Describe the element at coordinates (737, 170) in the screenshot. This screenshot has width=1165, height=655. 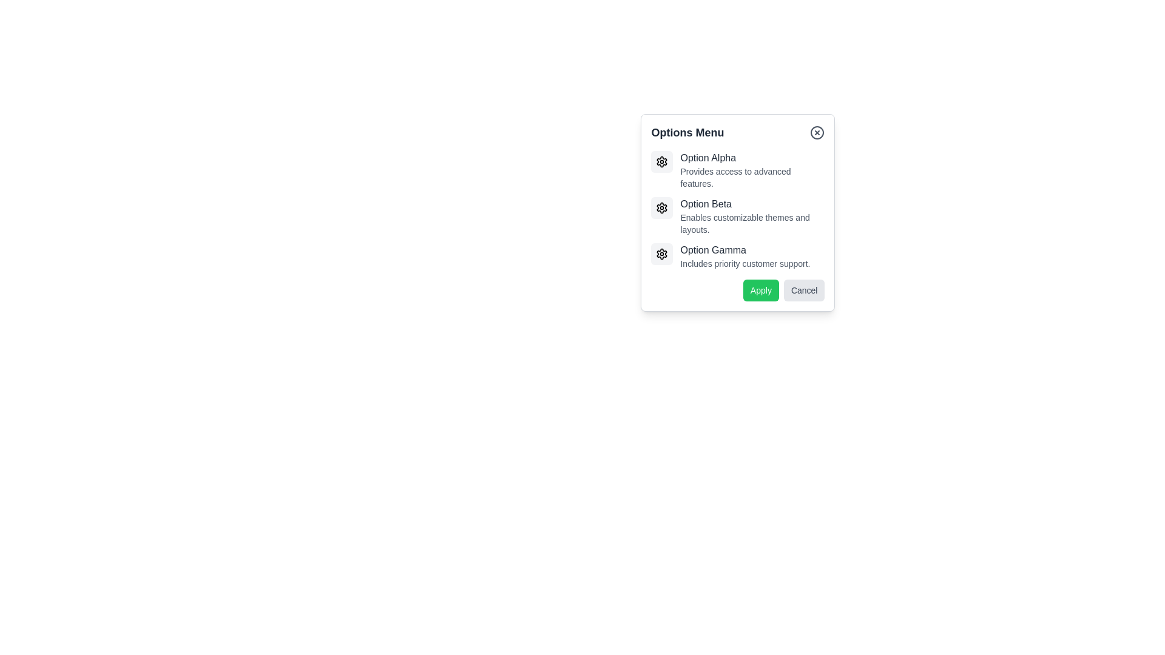
I see `the informational list item titled 'Option Alpha' that provides access to advanced features, located within the 'Options Menu' modal dialog` at that location.